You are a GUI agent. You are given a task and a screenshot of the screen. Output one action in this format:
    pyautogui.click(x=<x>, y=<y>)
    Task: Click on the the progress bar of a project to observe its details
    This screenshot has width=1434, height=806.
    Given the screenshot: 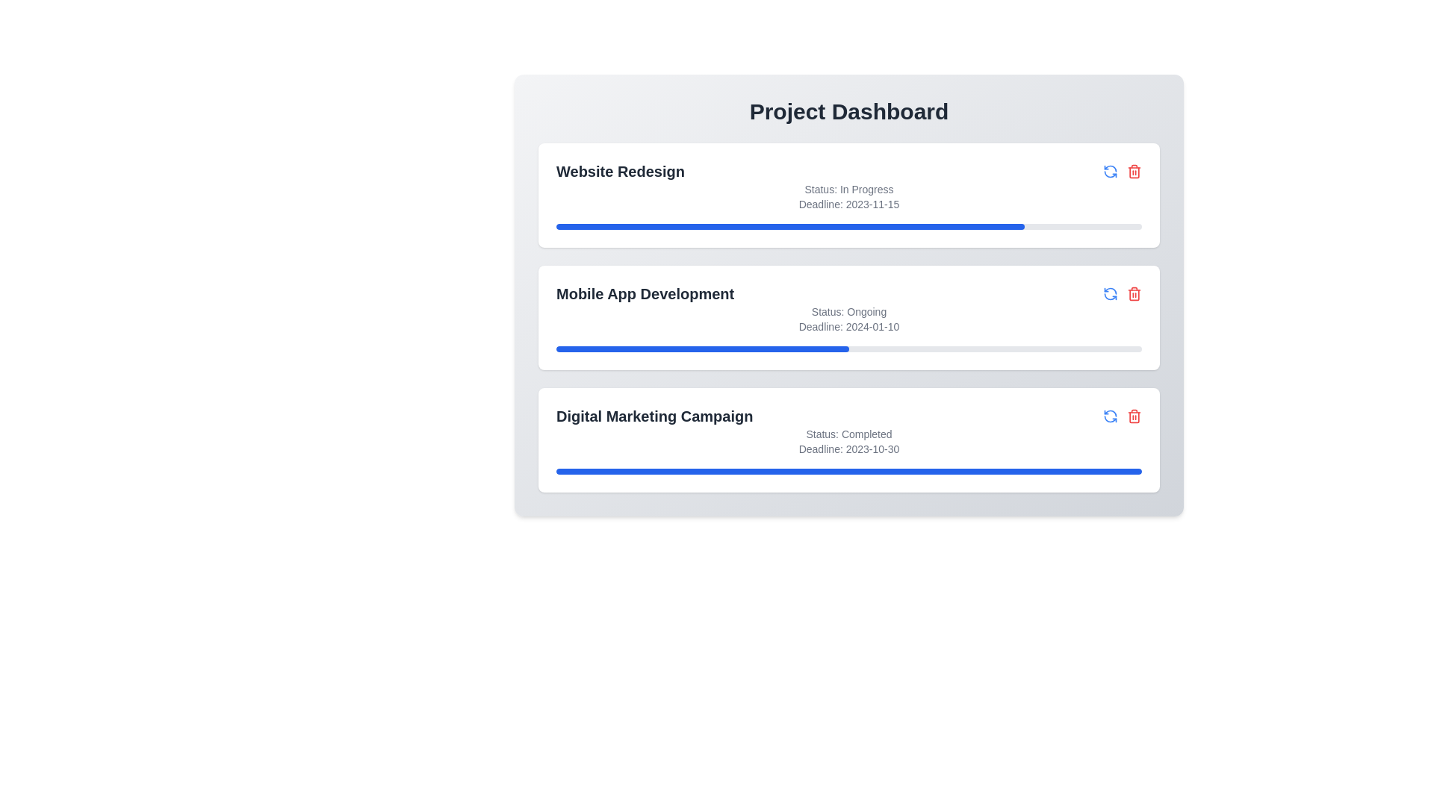 What is the action you would take?
    pyautogui.click(x=849, y=227)
    